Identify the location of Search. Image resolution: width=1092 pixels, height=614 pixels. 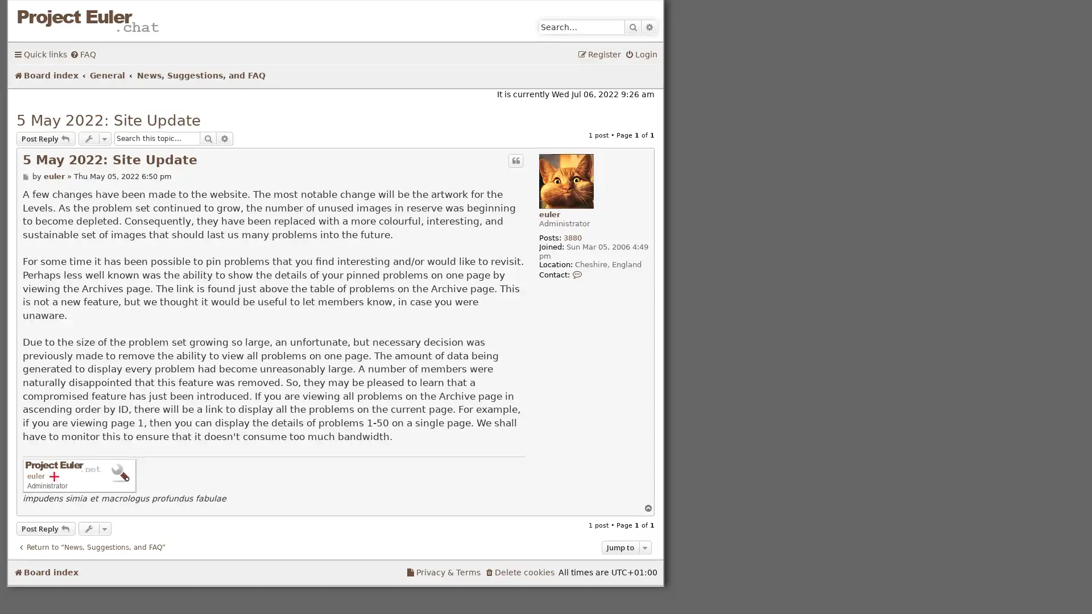
(632, 26).